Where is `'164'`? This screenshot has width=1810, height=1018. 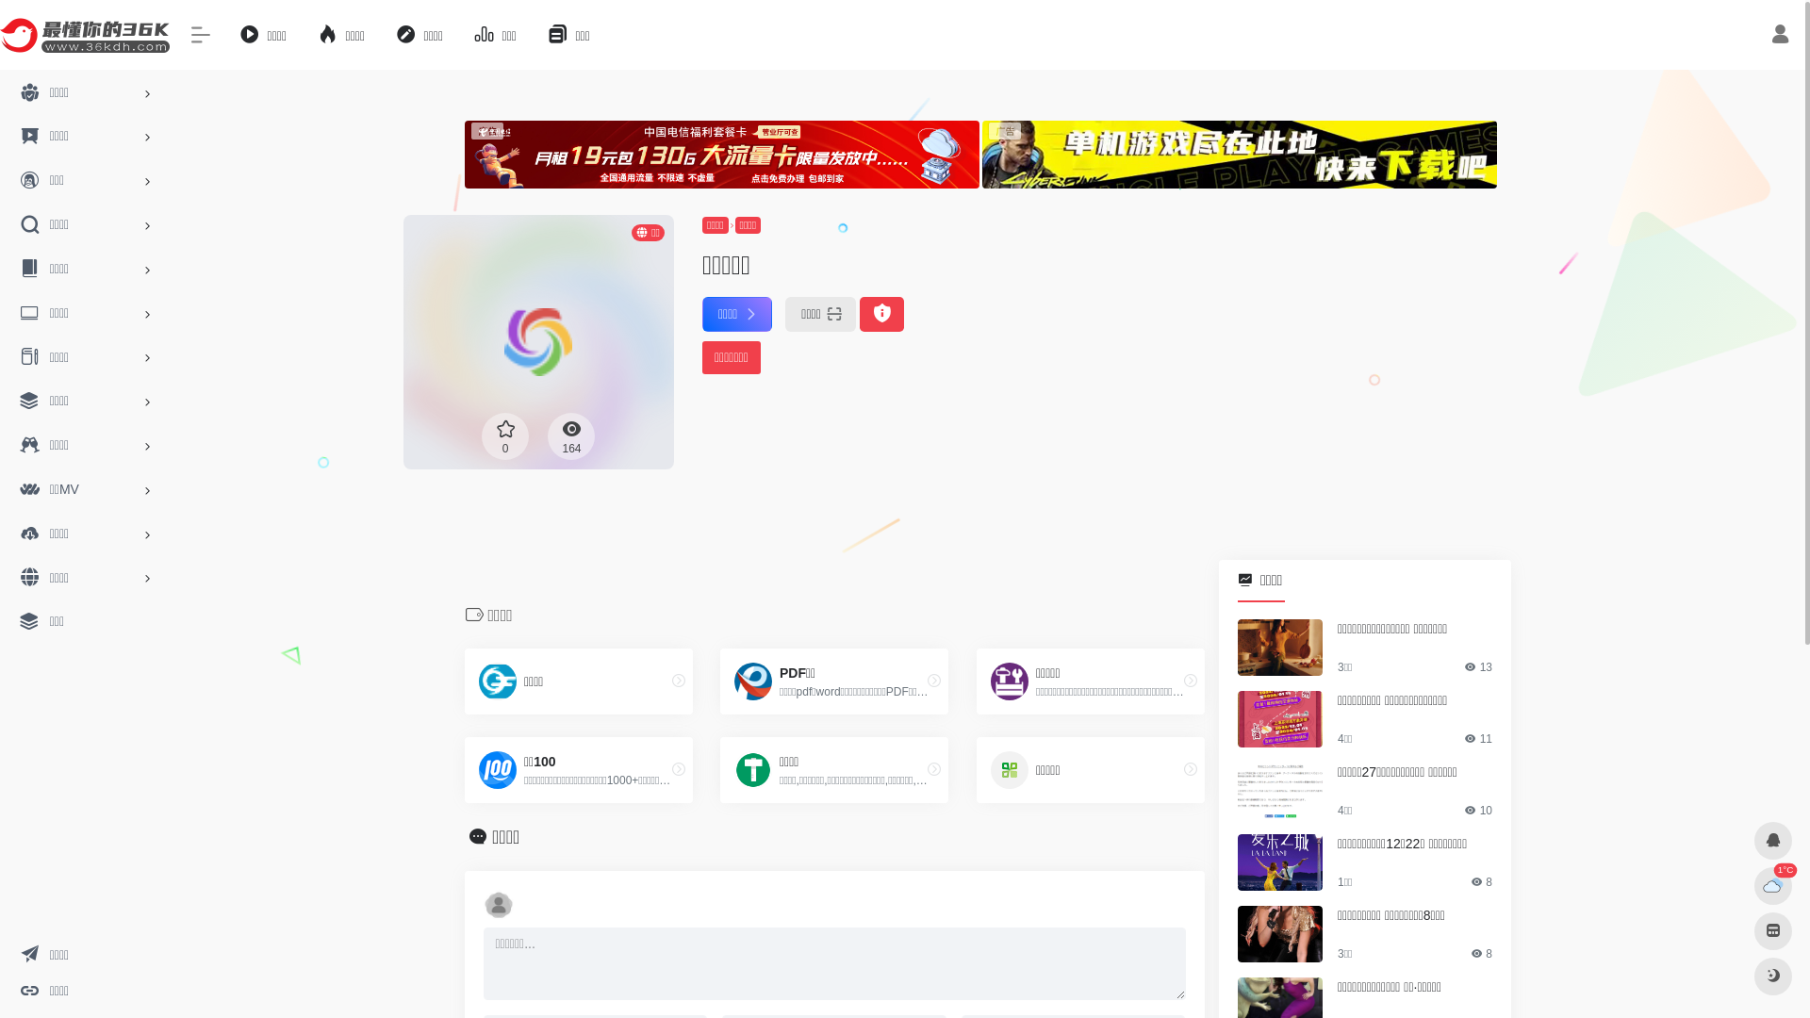 '164' is located at coordinates (569, 435).